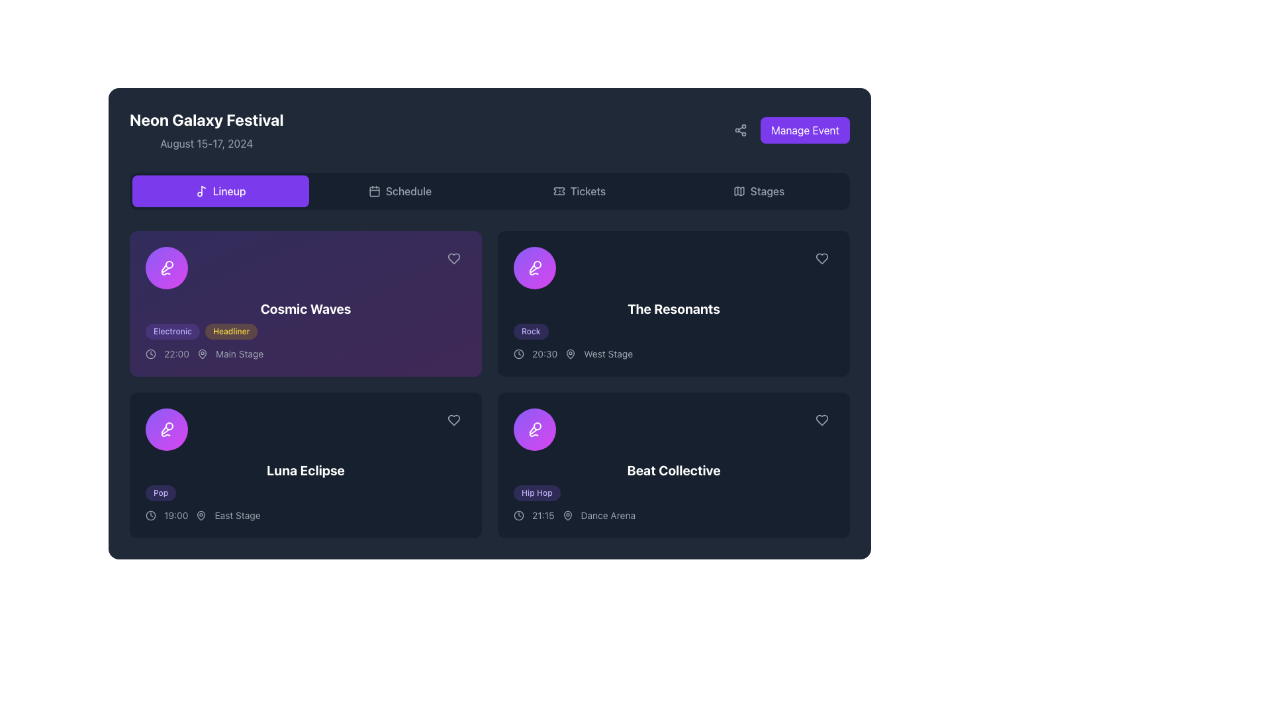 The width and height of the screenshot is (1271, 715). What do you see at coordinates (534, 268) in the screenshot?
I see `the microphone icon embedded in the circular button located on the left side of the 'Cosmic Waves' card` at bounding box center [534, 268].